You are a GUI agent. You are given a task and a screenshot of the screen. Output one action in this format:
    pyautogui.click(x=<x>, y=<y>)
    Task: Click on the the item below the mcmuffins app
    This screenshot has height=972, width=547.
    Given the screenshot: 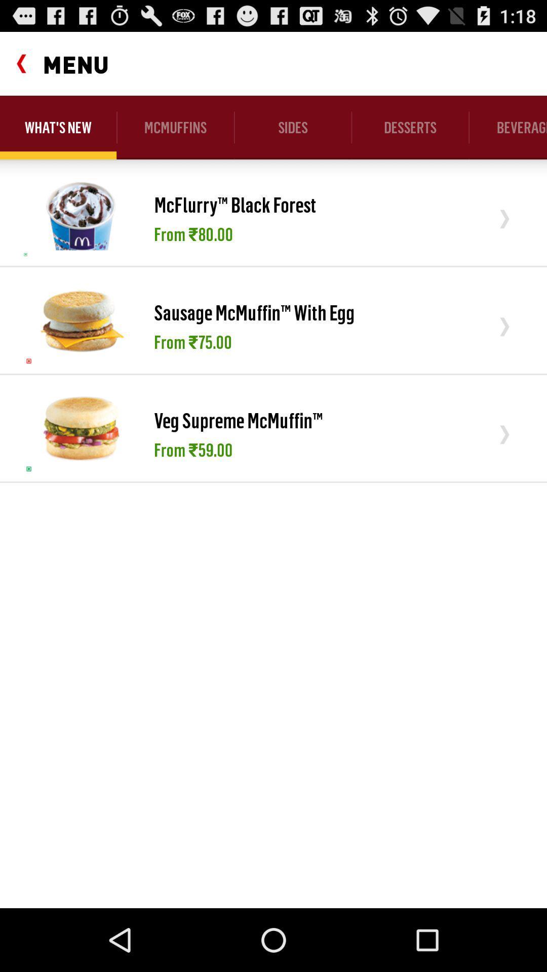 What is the action you would take?
    pyautogui.click(x=235, y=208)
    